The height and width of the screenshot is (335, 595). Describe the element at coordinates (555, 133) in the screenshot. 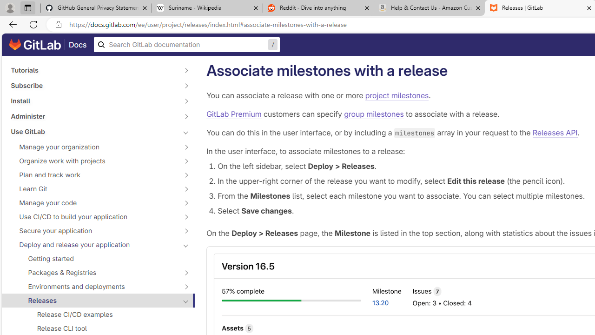

I see `'Releases API'` at that location.